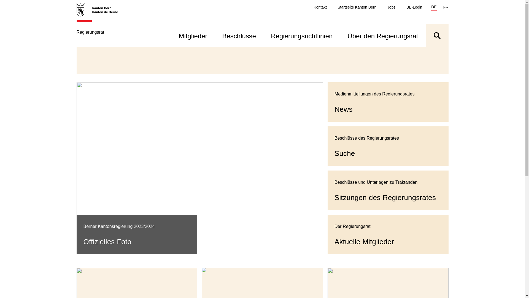 The height and width of the screenshot is (298, 529). Describe the element at coordinates (388, 102) in the screenshot. I see `'News` at that location.